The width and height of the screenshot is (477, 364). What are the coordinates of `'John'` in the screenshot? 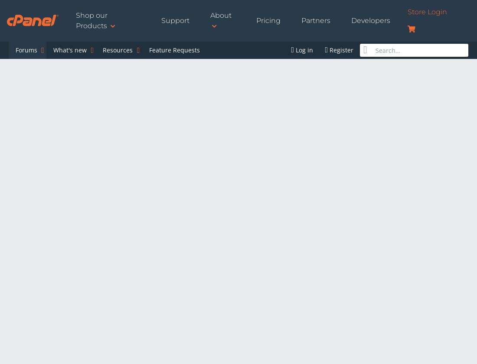 It's located at (19, 253).